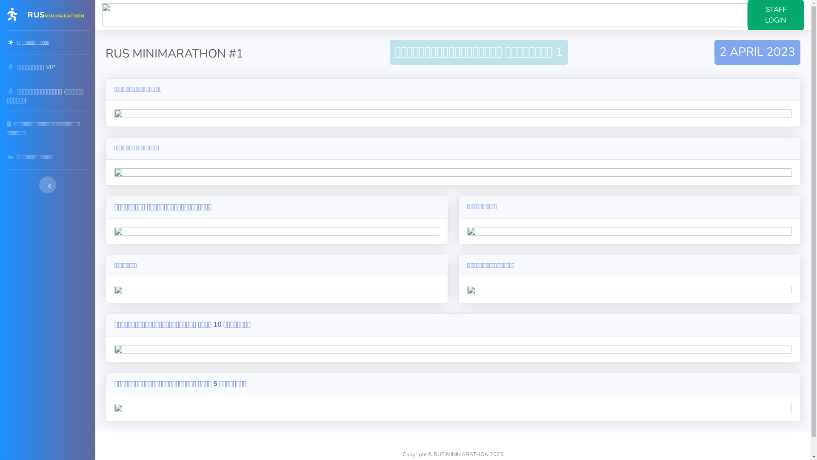  I want to click on 'RUSMINIMARATHON', so click(47, 14).